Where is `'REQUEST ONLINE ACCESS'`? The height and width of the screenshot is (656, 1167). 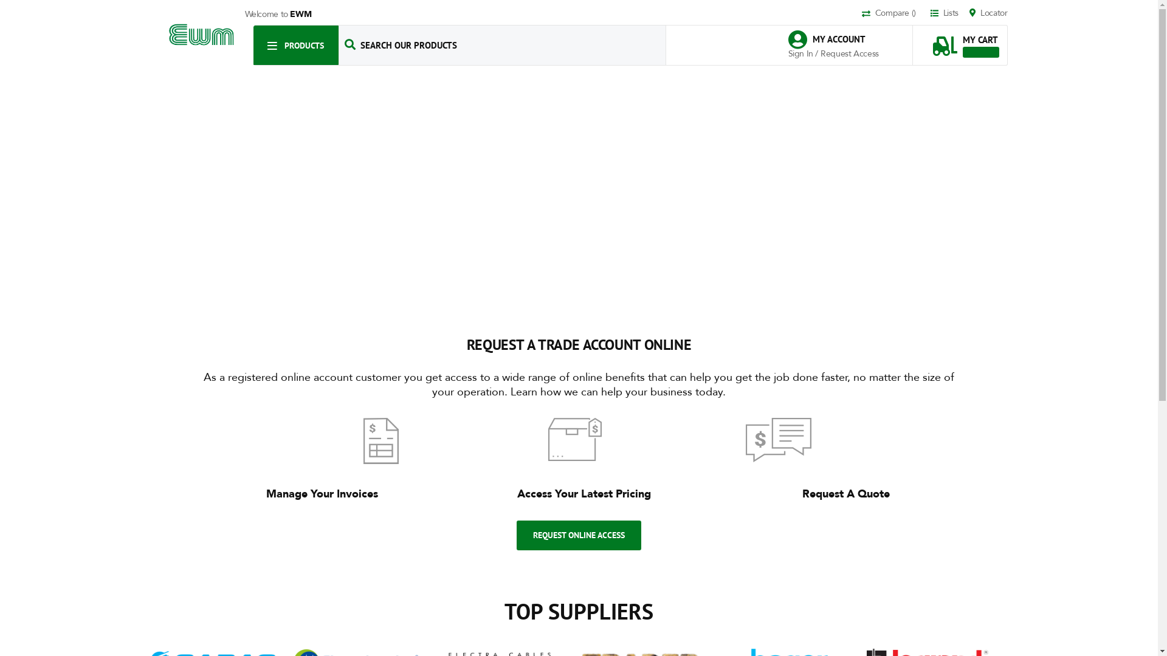
'REQUEST ONLINE ACCESS' is located at coordinates (578, 535).